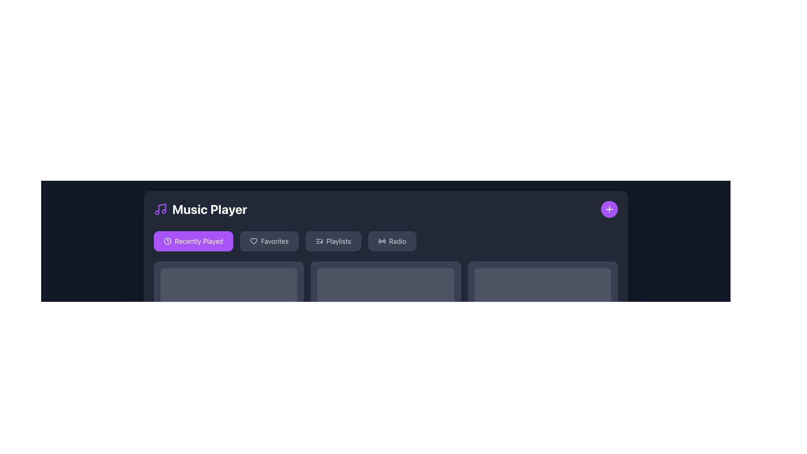 Image resolution: width=807 pixels, height=454 pixels. What do you see at coordinates (381, 241) in the screenshot?
I see `the decorative icon located to the left of the 'Radio' label in the upper menu row, which visually reinforces the meaning of the label` at bounding box center [381, 241].